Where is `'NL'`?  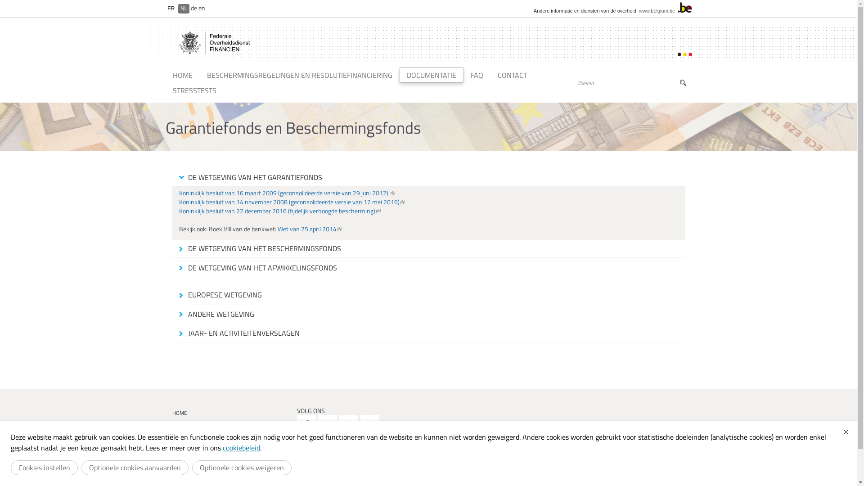 'NL' is located at coordinates (183, 9).